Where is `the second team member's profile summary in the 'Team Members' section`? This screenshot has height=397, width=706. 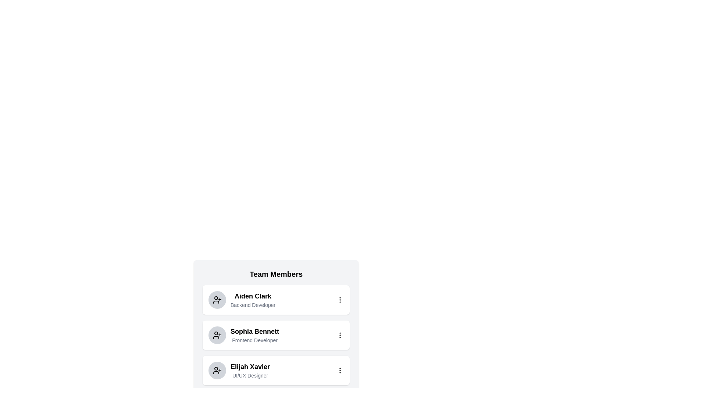 the second team member's profile summary in the 'Team Members' section is located at coordinates (275, 335).